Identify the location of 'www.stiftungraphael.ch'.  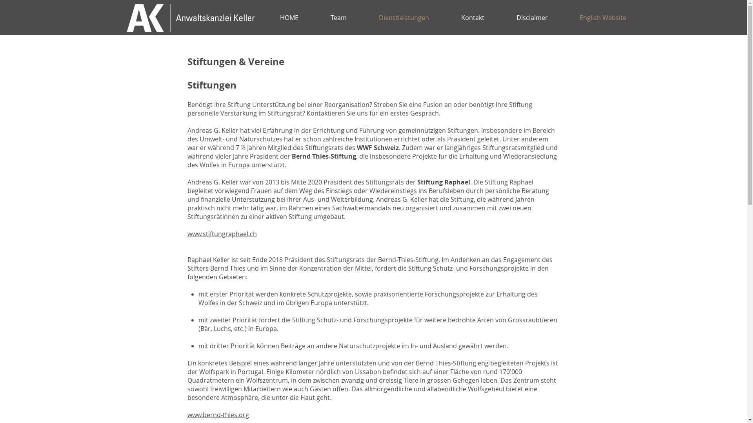
(222, 233).